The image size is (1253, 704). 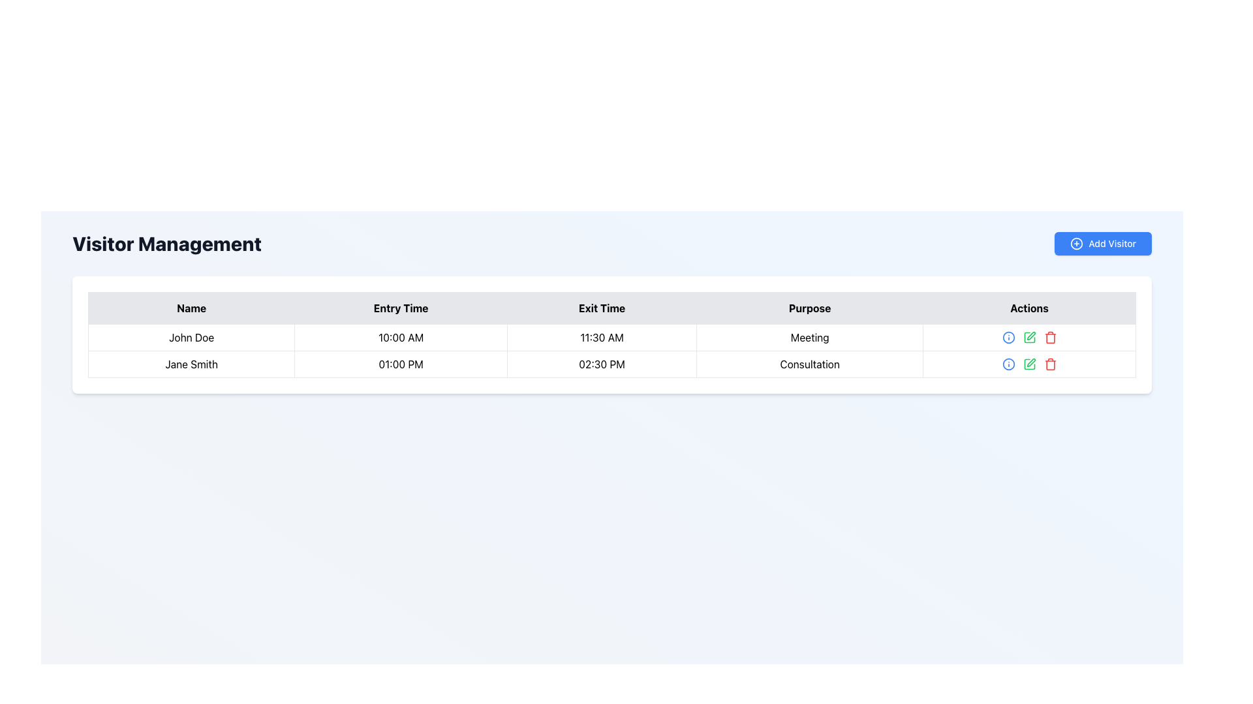 I want to click on the table row containing the visitor information for 'Jane Smith', which includes entry and exit times and purpose of visit, so click(x=611, y=364).